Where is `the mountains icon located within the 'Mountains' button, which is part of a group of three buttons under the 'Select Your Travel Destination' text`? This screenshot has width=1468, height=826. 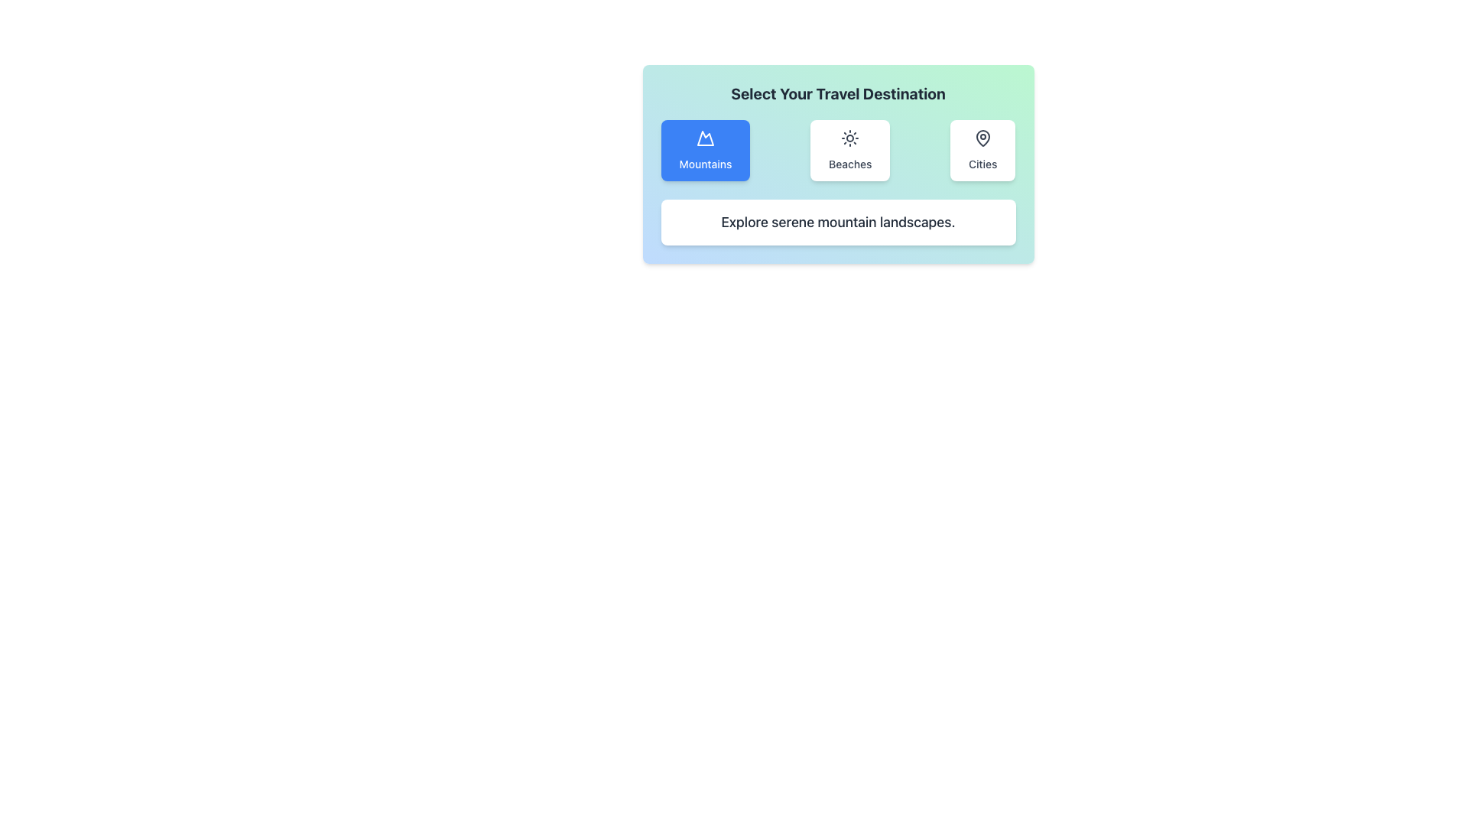
the mountains icon located within the 'Mountains' button, which is part of a group of three buttons under the 'Select Your Travel Destination' text is located at coordinates (704, 138).